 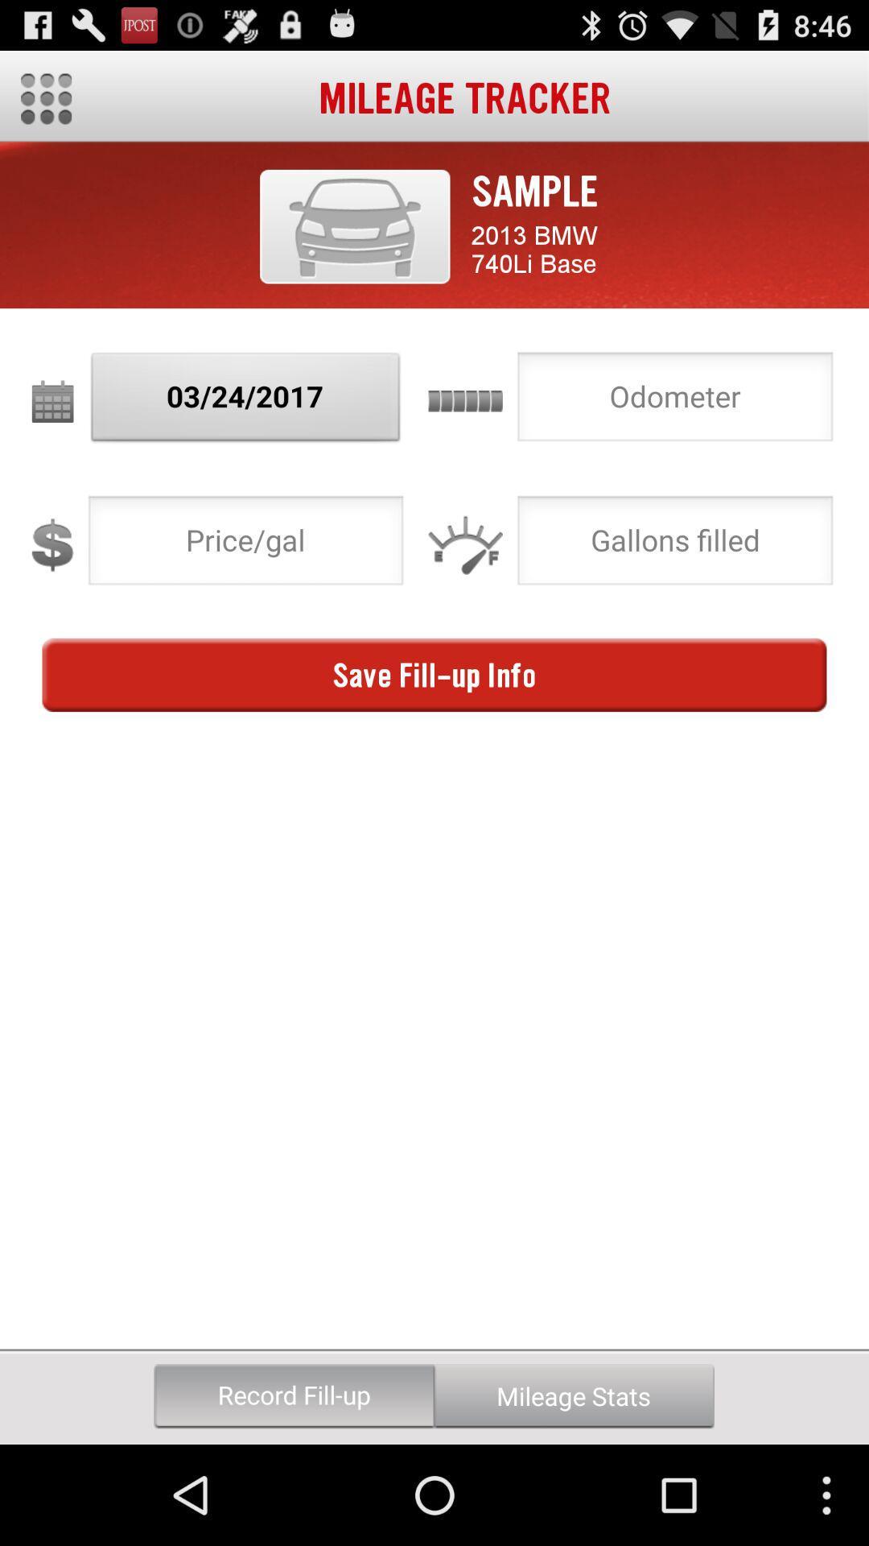 What do you see at coordinates (354, 225) in the screenshot?
I see `the item next to sample  item` at bounding box center [354, 225].